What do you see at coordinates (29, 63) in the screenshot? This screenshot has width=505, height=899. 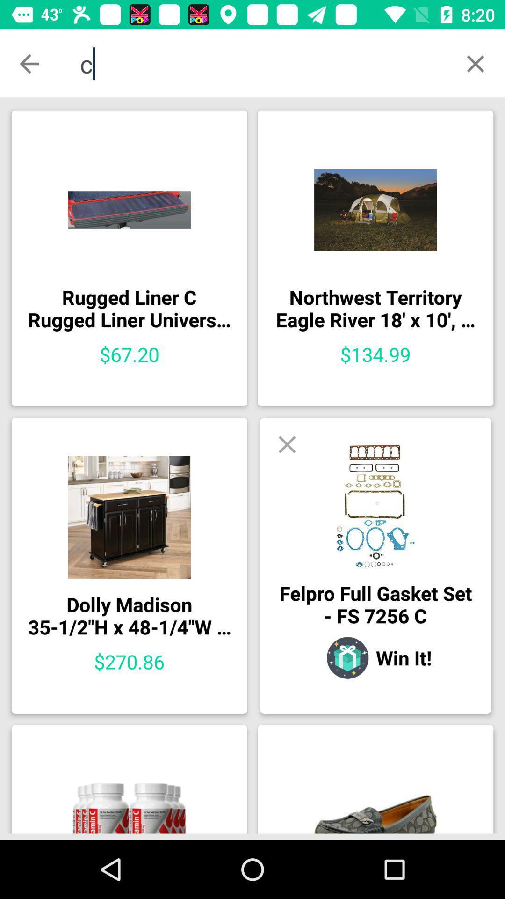 I see `the arrow_backward icon` at bounding box center [29, 63].